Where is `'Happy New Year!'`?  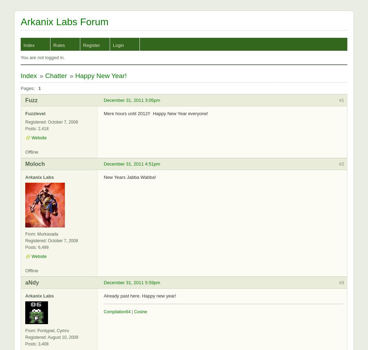 'Happy New Year!' is located at coordinates (74, 75).